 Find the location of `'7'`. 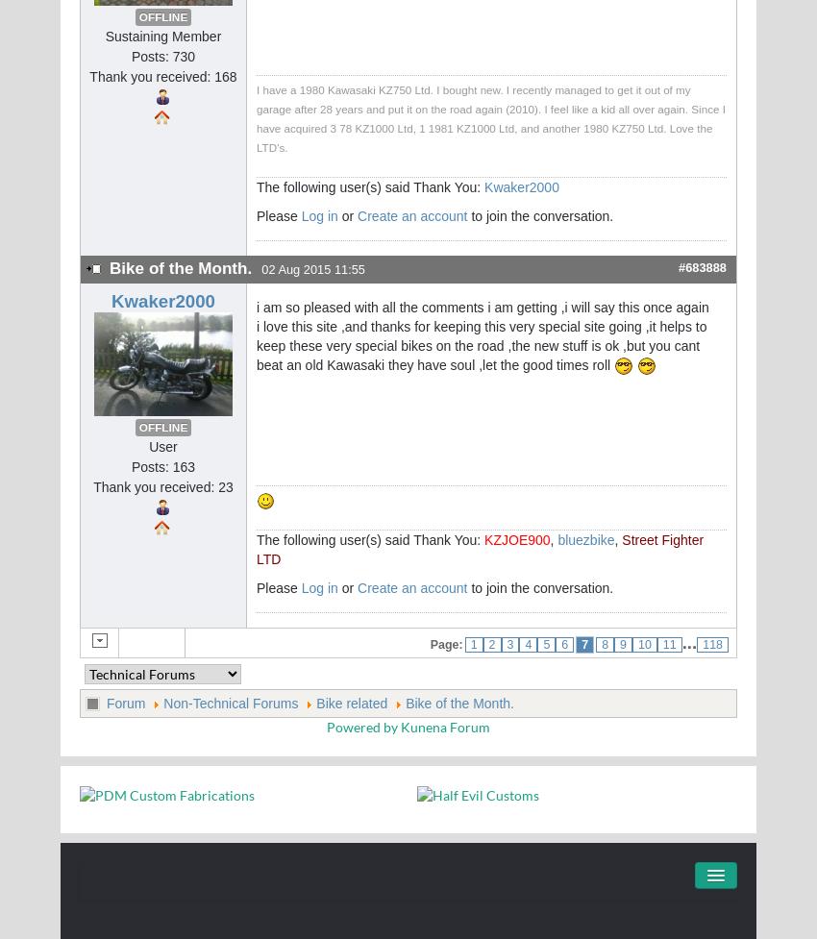

'7' is located at coordinates (583, 645).